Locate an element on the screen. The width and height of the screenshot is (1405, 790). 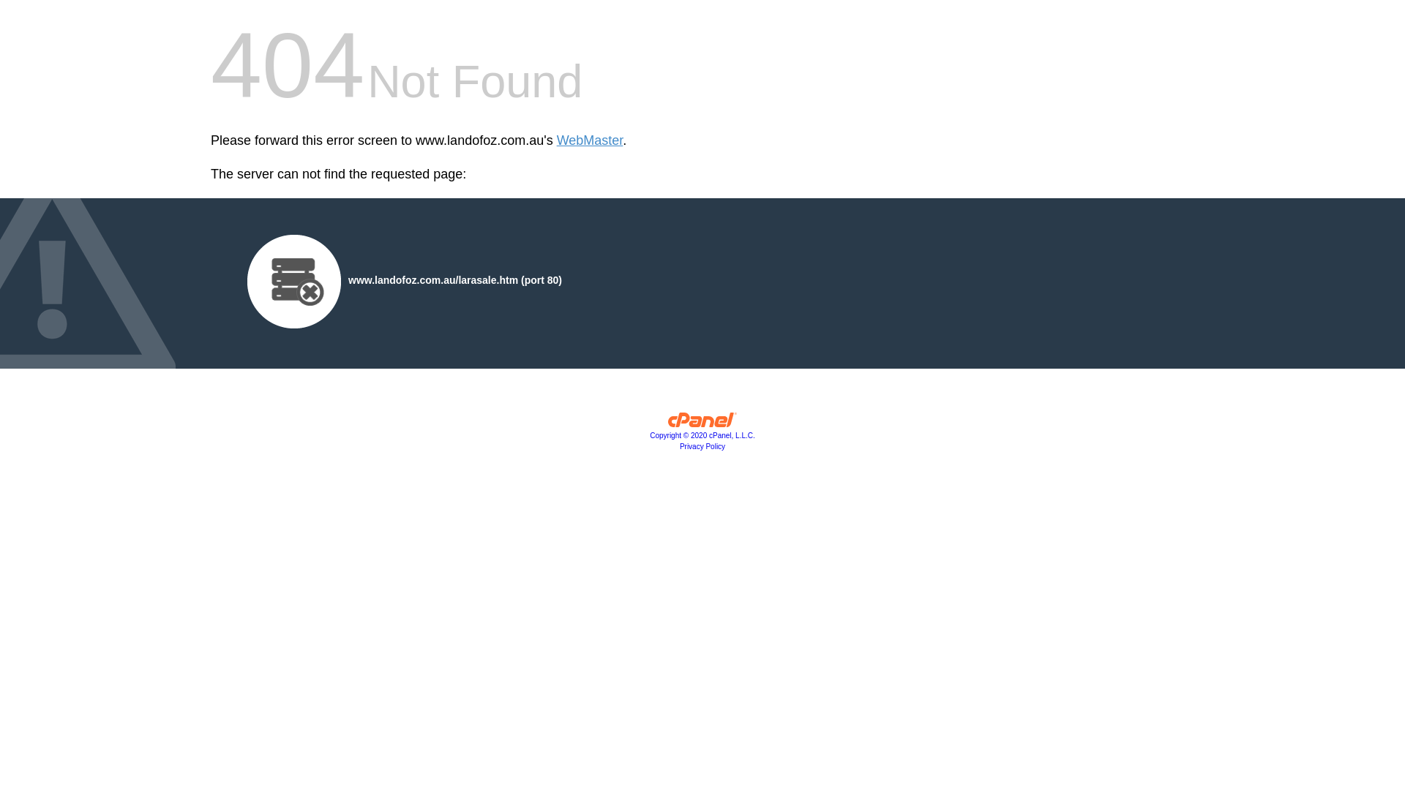
'Privacy Policy' is located at coordinates (702, 445).